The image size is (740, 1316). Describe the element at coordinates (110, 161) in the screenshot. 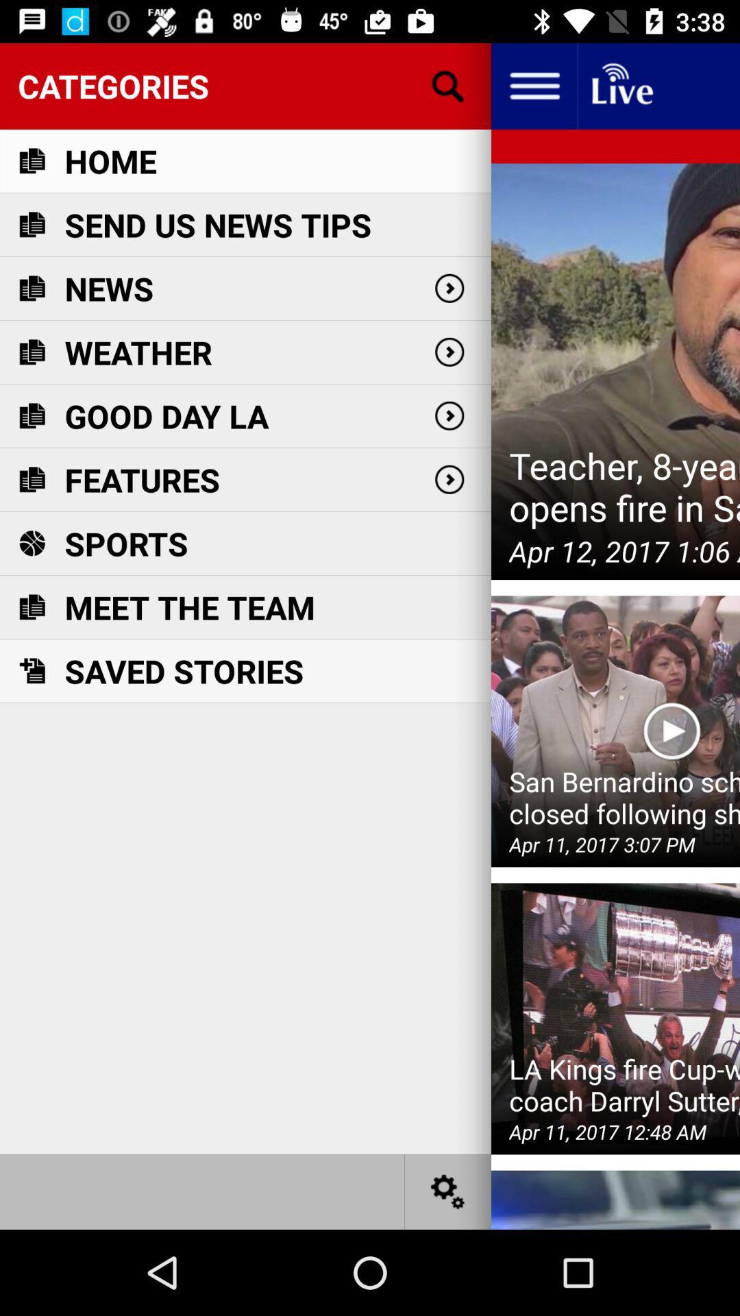

I see `home item` at that location.